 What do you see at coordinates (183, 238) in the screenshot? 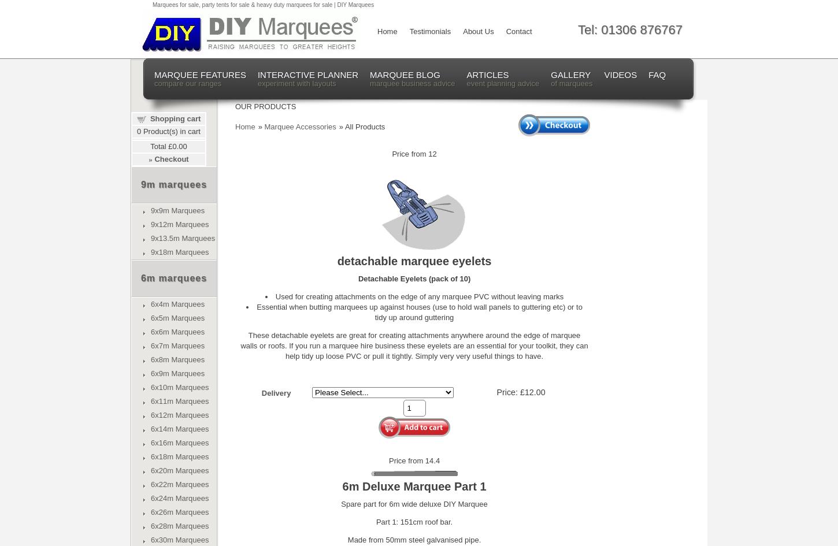
I see `'9x13.5m Marquees'` at bounding box center [183, 238].